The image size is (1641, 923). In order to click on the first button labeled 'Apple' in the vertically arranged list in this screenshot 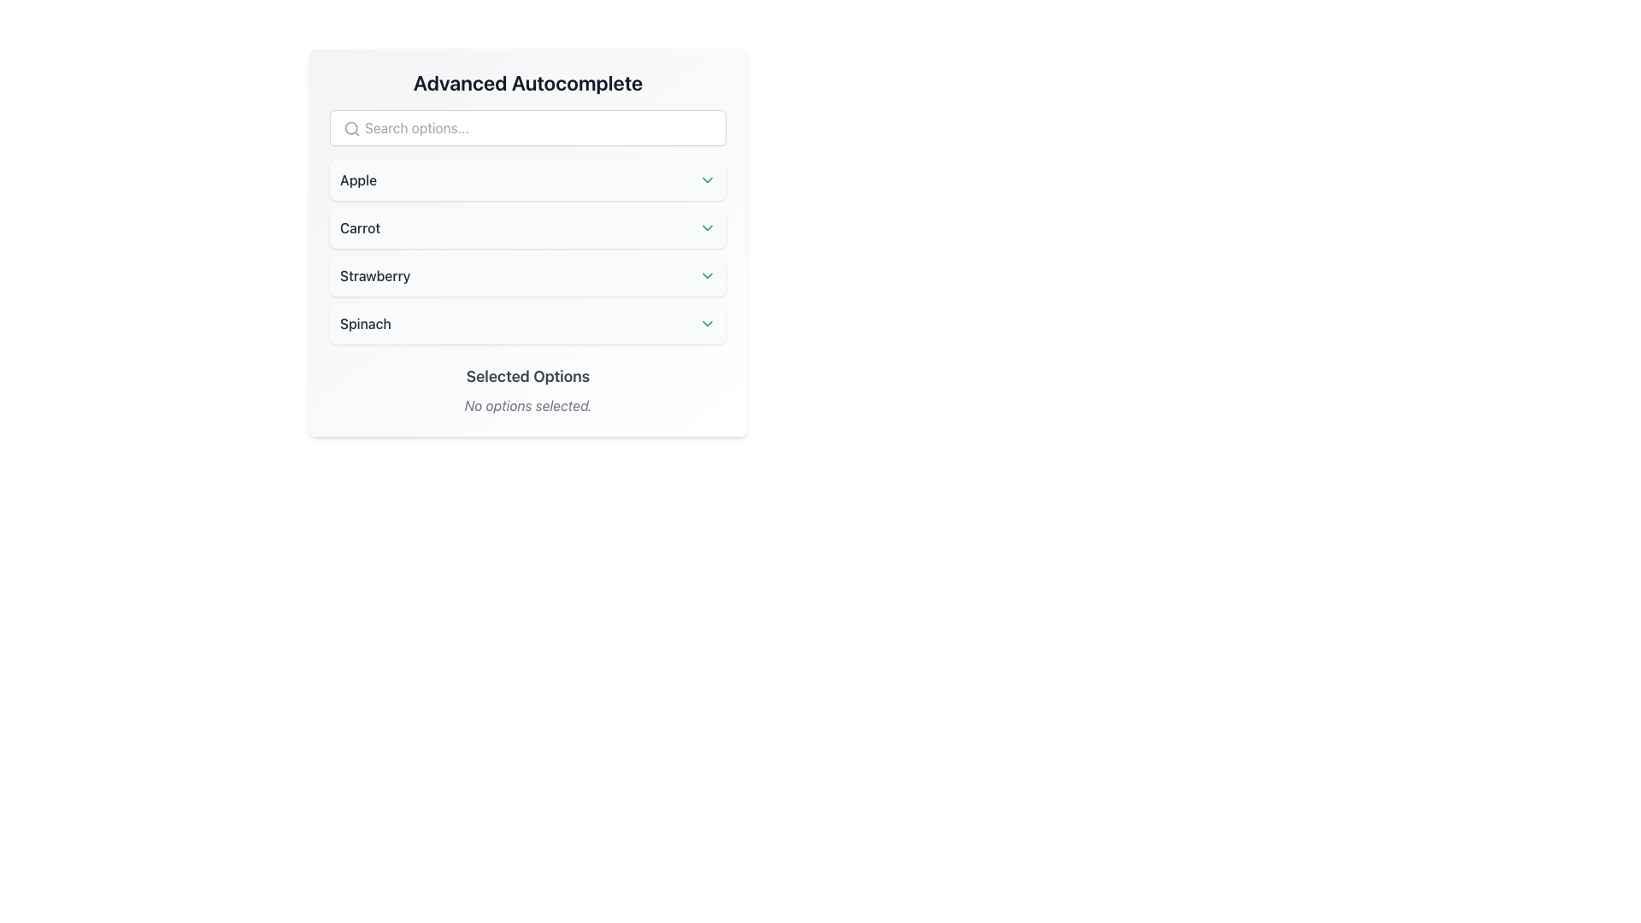, I will do `click(527, 180)`.